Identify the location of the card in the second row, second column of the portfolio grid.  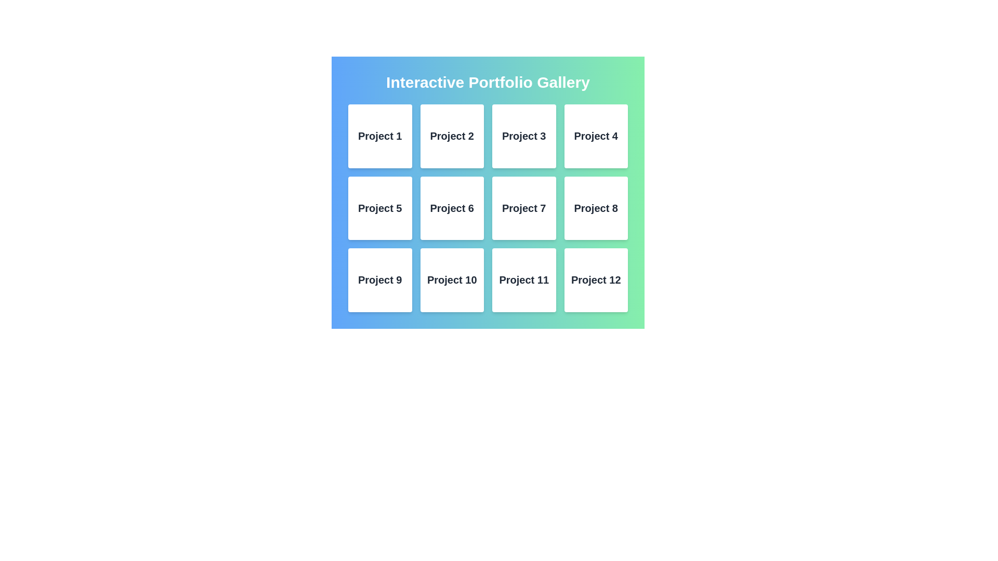
(452, 208).